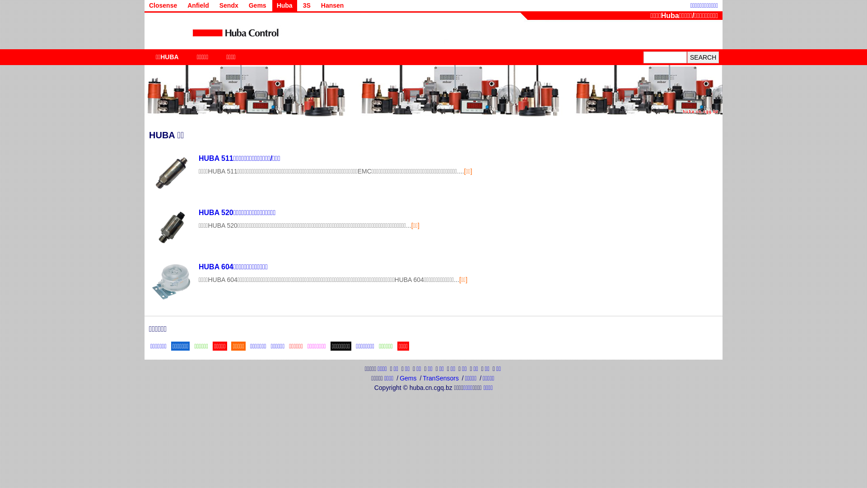 The width and height of the screenshot is (867, 488). I want to click on 'Anfield', so click(197, 5).